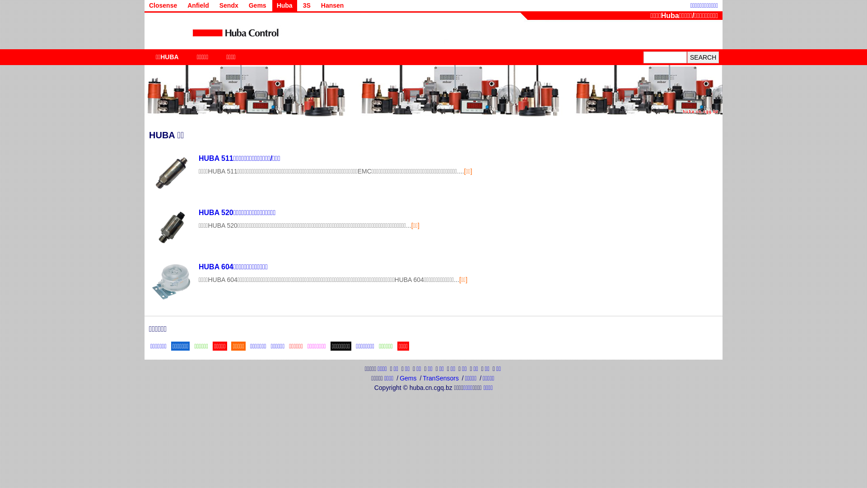 The width and height of the screenshot is (867, 488). I want to click on 'Anfield', so click(197, 5).